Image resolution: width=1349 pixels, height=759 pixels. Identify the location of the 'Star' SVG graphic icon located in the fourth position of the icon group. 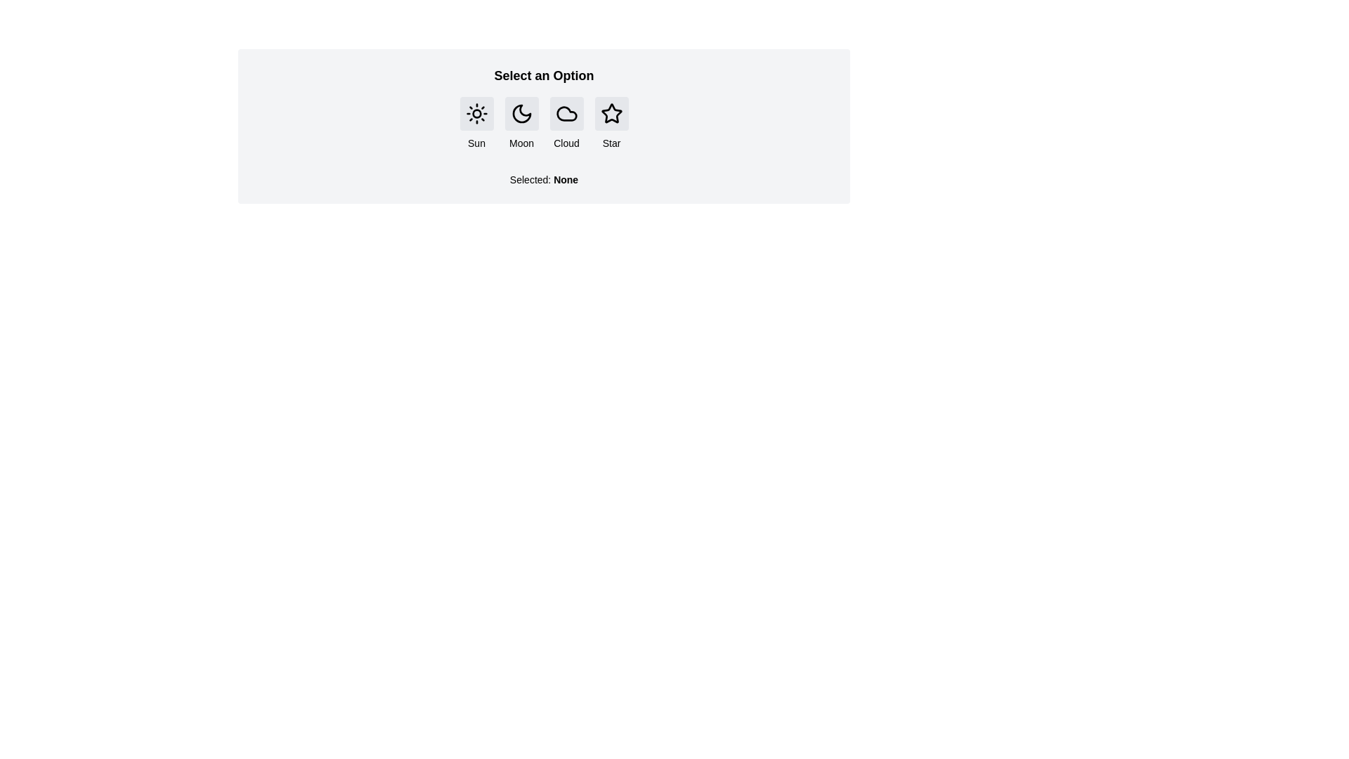
(611, 112).